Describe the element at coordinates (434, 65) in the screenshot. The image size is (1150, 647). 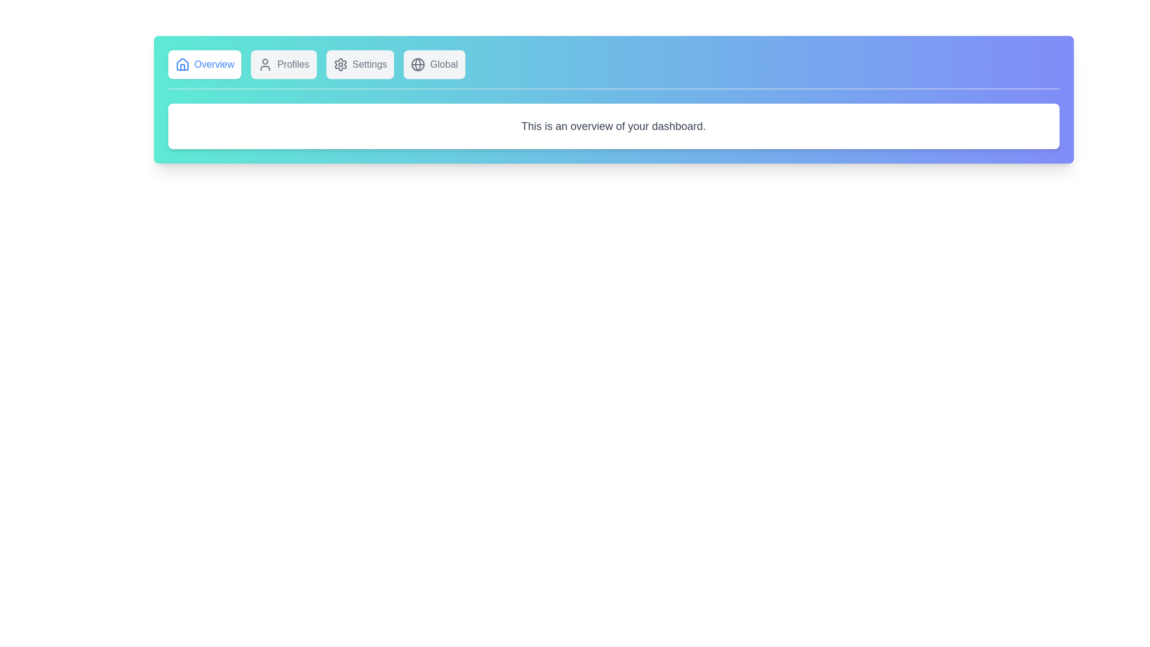
I see `the tab labeled Global` at that location.